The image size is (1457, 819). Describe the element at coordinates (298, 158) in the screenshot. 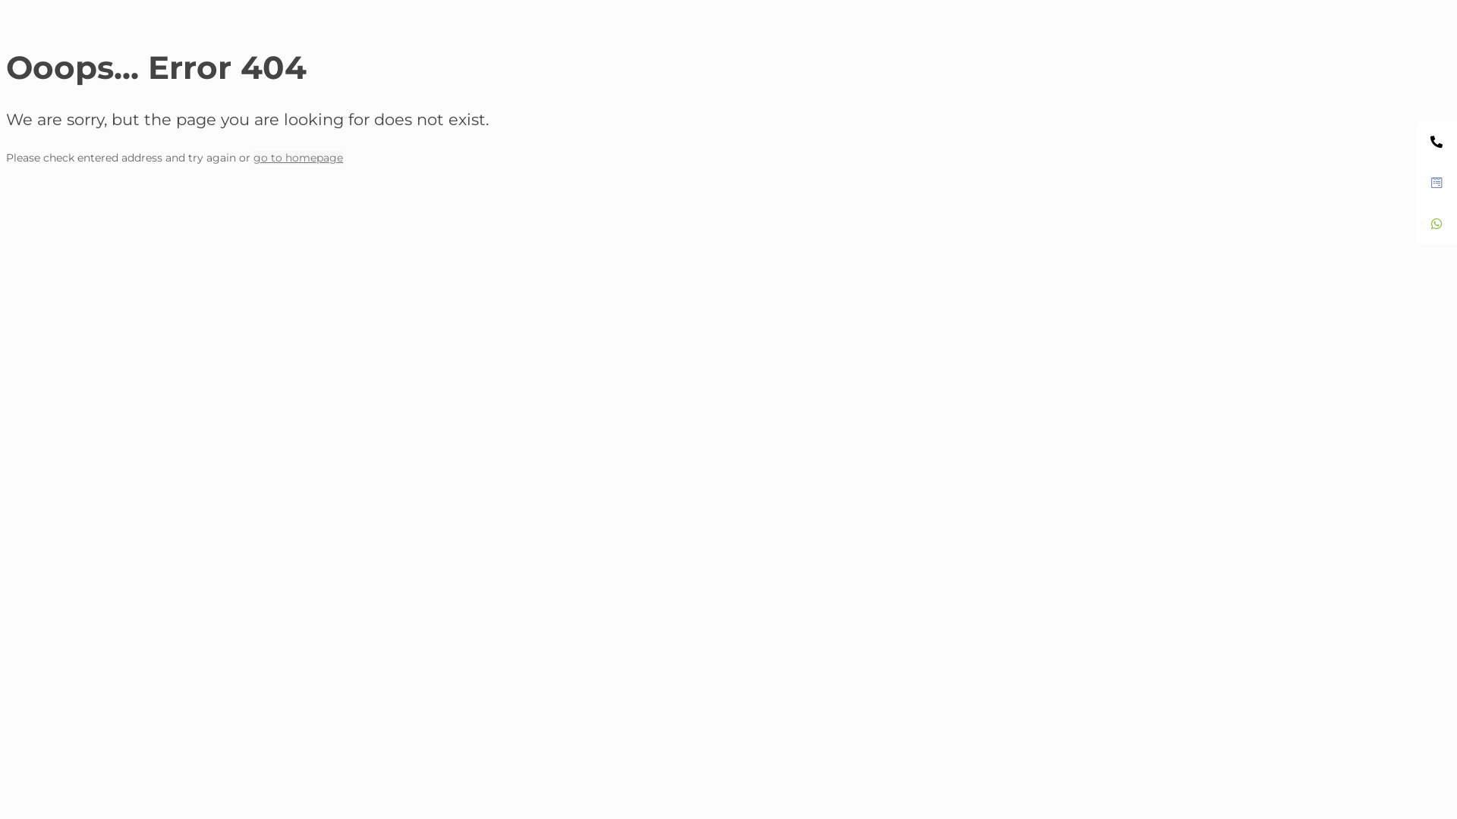

I see `'go to homepage'` at that location.